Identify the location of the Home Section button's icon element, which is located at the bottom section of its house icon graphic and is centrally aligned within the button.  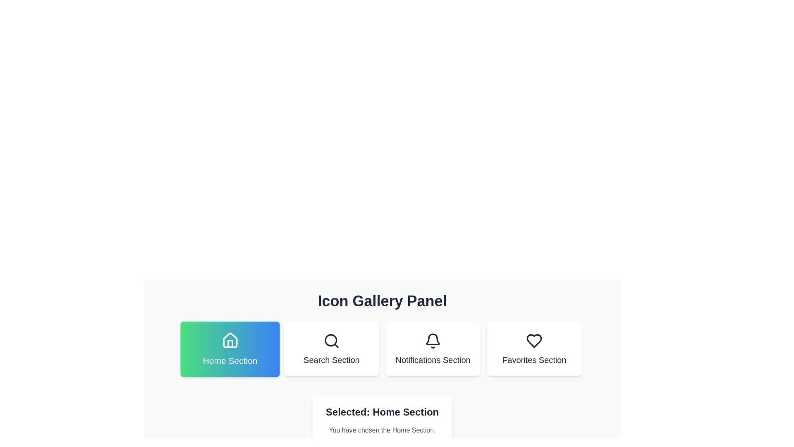
(230, 344).